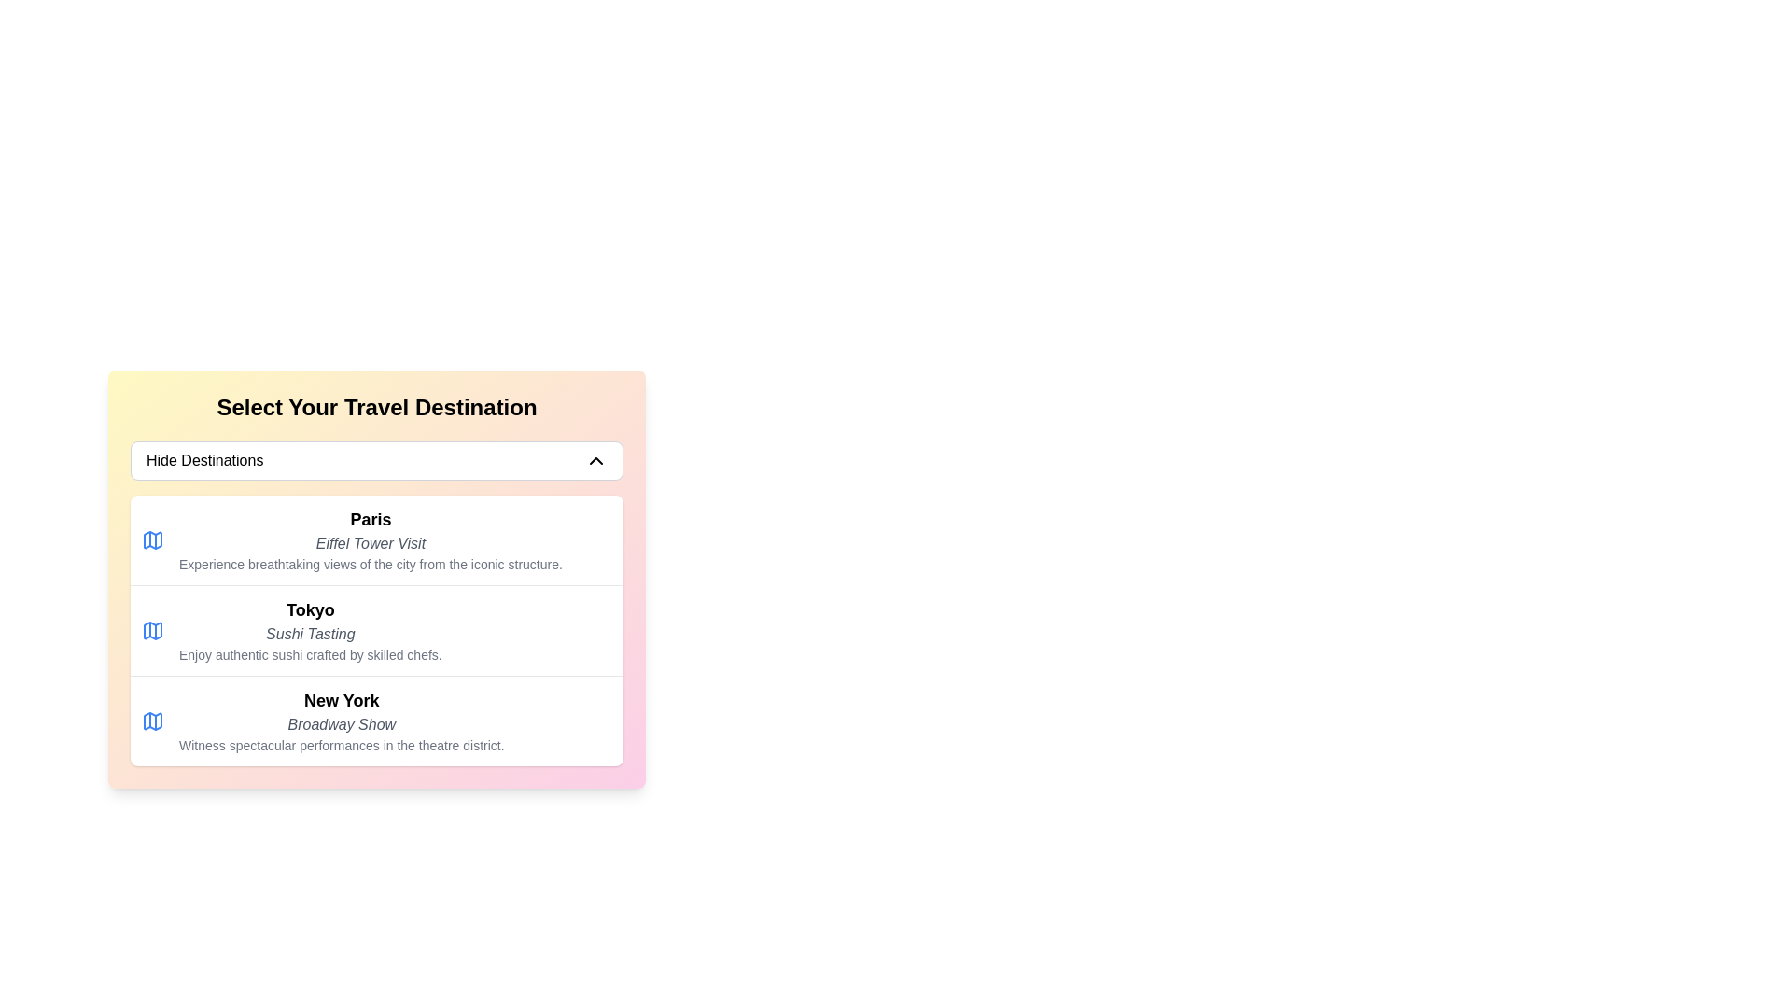  What do you see at coordinates (152, 539) in the screenshot?
I see `the map icon related to the travel destination 'Paris', which is positioned to the left of the label 'Paris Eiffel Tower Visit'` at bounding box center [152, 539].